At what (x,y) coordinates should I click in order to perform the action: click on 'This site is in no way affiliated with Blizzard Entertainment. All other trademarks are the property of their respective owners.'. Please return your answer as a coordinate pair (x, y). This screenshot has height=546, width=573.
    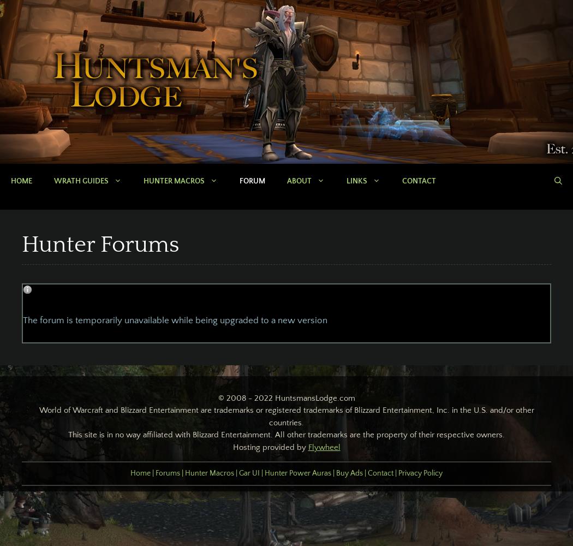
    Looking at the image, I should click on (286, 435).